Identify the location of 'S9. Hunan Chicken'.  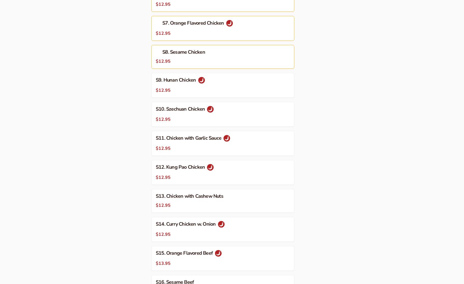
(155, 79).